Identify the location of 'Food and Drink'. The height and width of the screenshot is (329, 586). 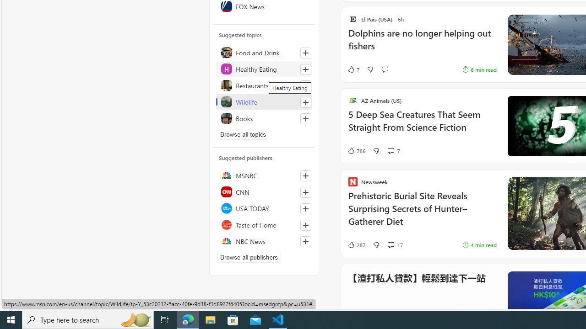
(264, 52).